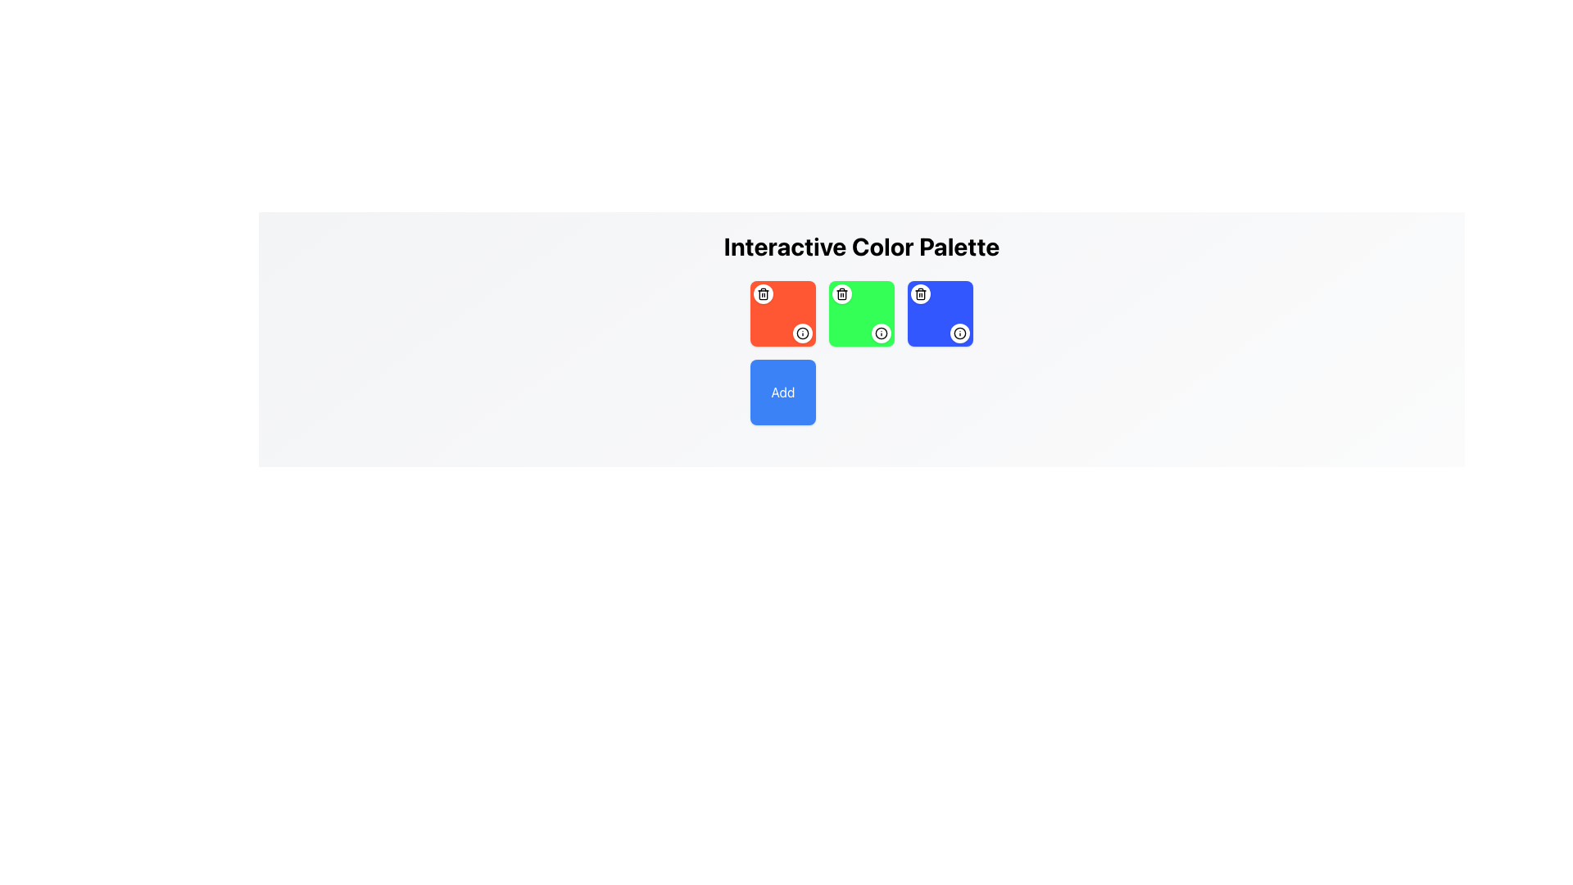 The height and width of the screenshot is (885, 1573). Describe the element at coordinates (880, 333) in the screenshot. I see `the small circular button with a white background and black border, located in the bottom-right corner of the green square tile under the 'Interactive Color Palette' header` at that location.